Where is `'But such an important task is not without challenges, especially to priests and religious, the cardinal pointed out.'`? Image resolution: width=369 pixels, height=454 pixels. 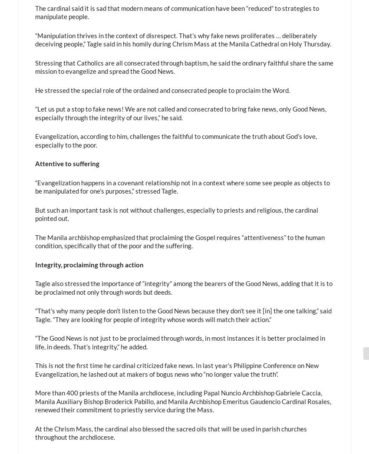 'But such an important task is not without challenges, especially to priests and religious, the cardinal pointed out.' is located at coordinates (34, 214).